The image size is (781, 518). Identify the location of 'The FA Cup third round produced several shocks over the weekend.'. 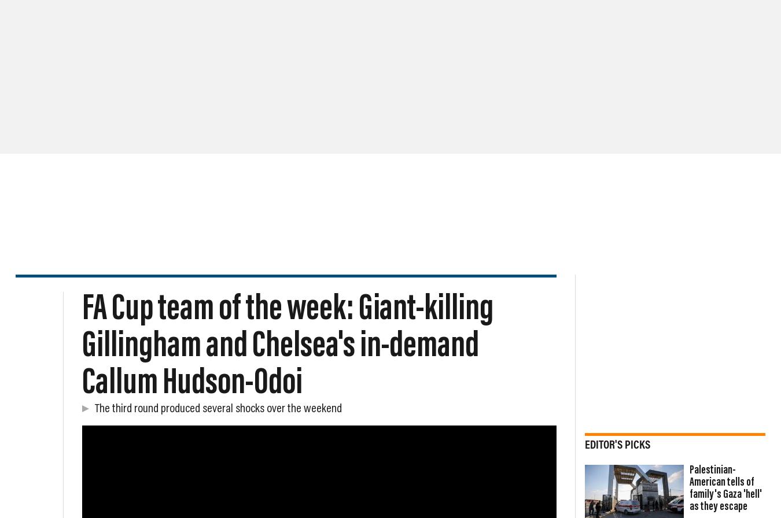
(82, 341).